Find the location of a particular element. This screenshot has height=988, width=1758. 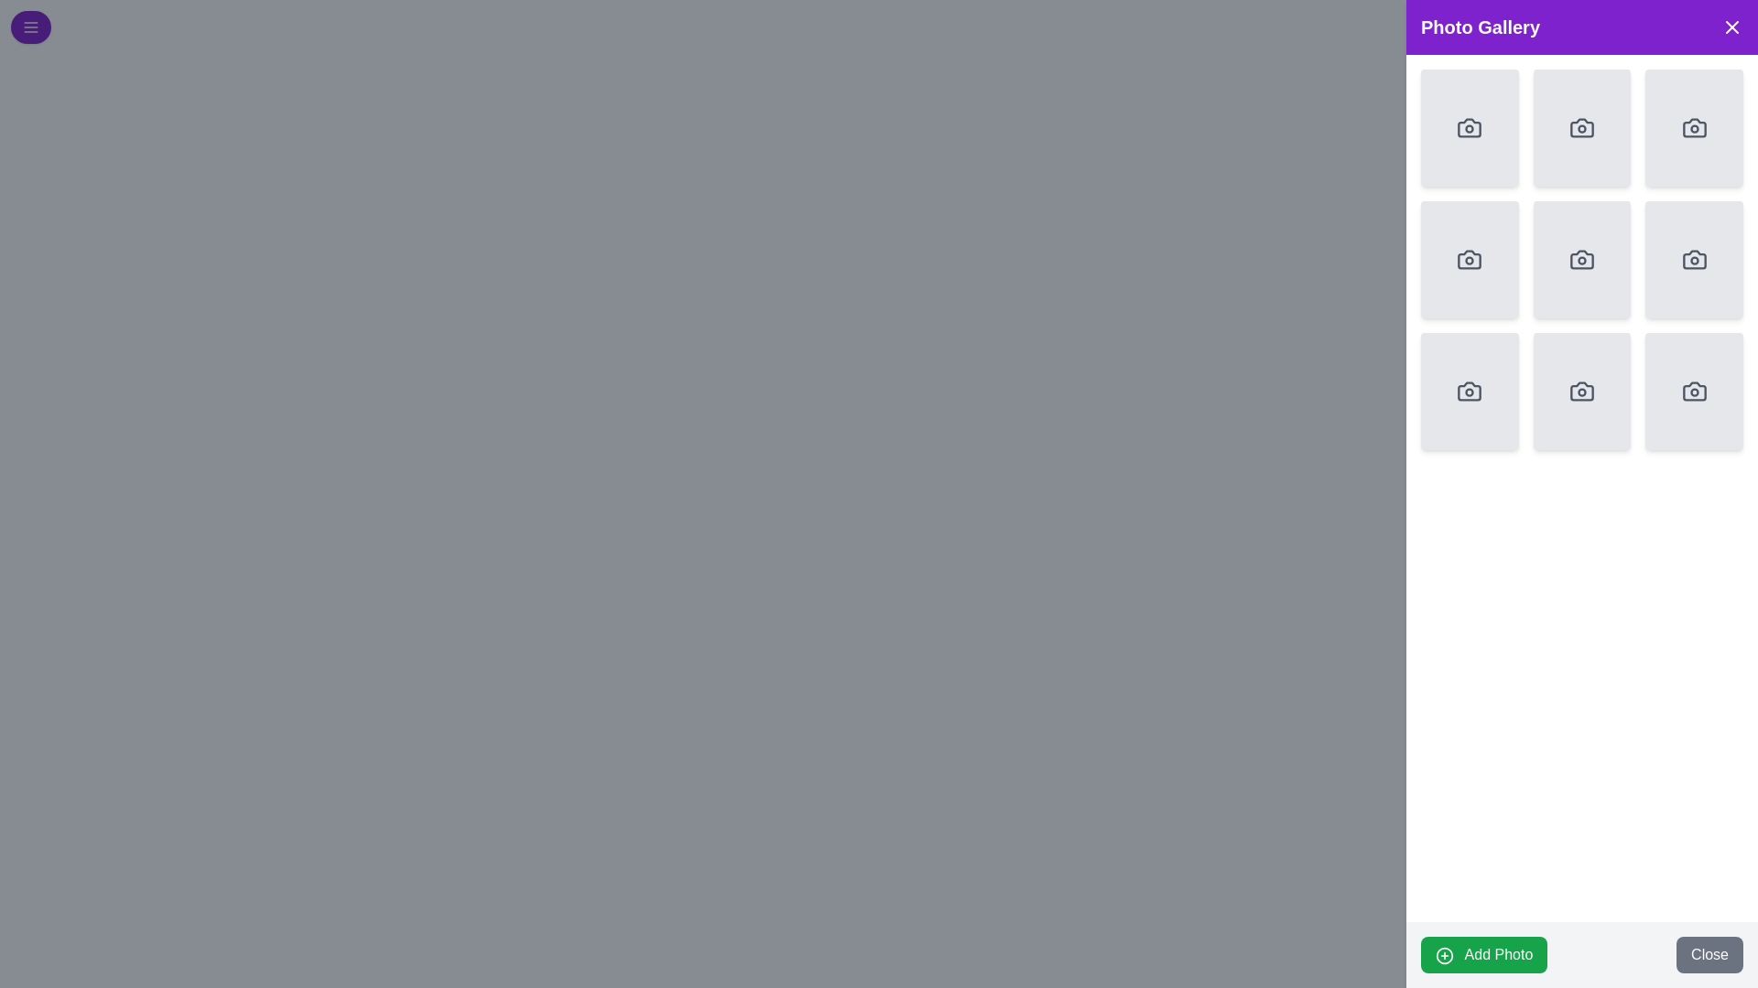

the SVG camera icon located in the second row, second column of the 3x3 grid layout within the photo gallery feature is located at coordinates (1581, 126).